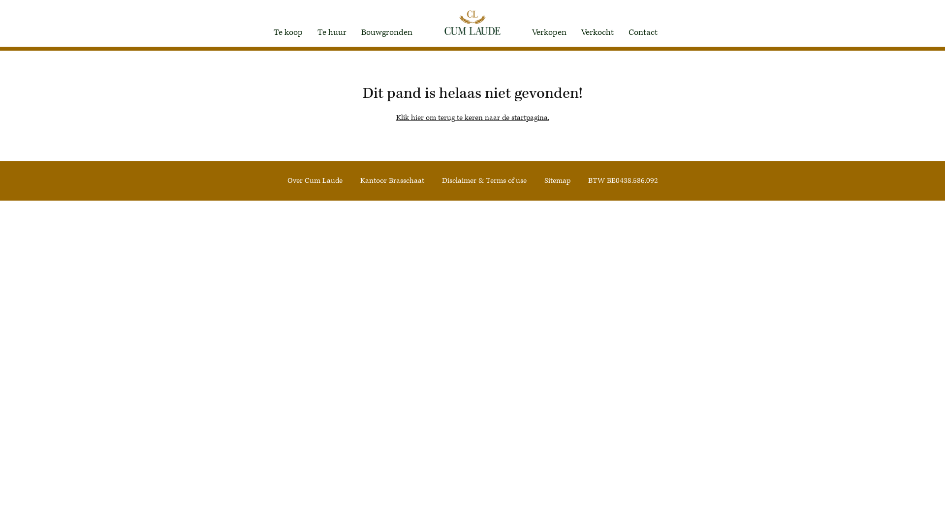 The width and height of the screenshot is (945, 531). I want to click on 'Kantoor Brasschaat', so click(359, 180).